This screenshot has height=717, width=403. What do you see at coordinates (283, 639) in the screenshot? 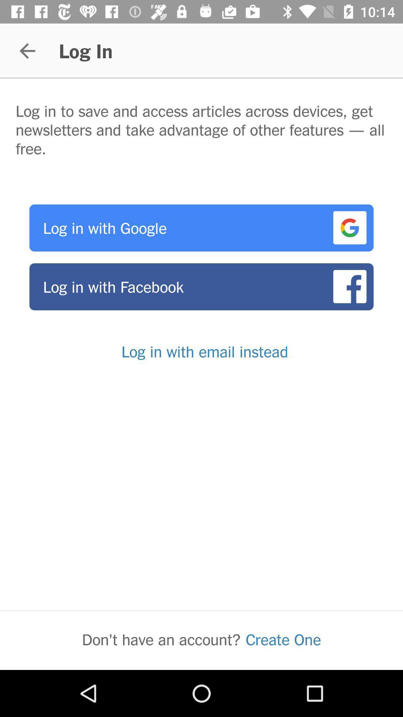
I see `create one at the bottom right corner` at bounding box center [283, 639].